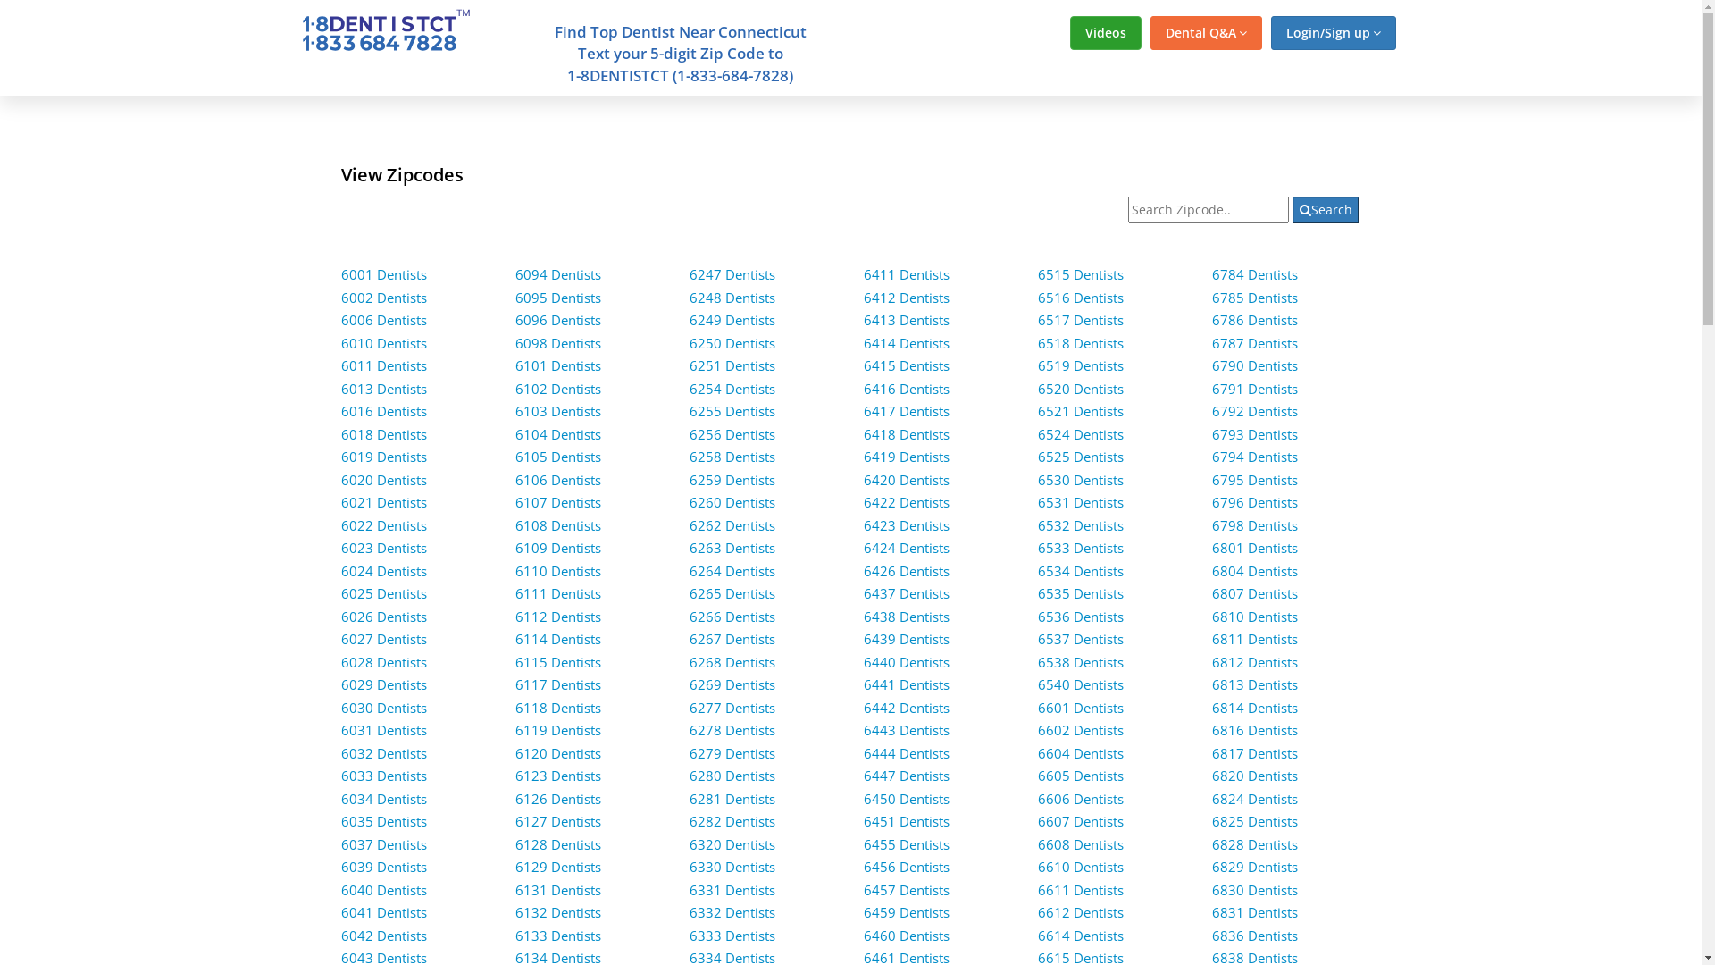 This screenshot has width=1715, height=965. Describe the element at coordinates (732, 502) in the screenshot. I see `'6260 Dentists'` at that location.